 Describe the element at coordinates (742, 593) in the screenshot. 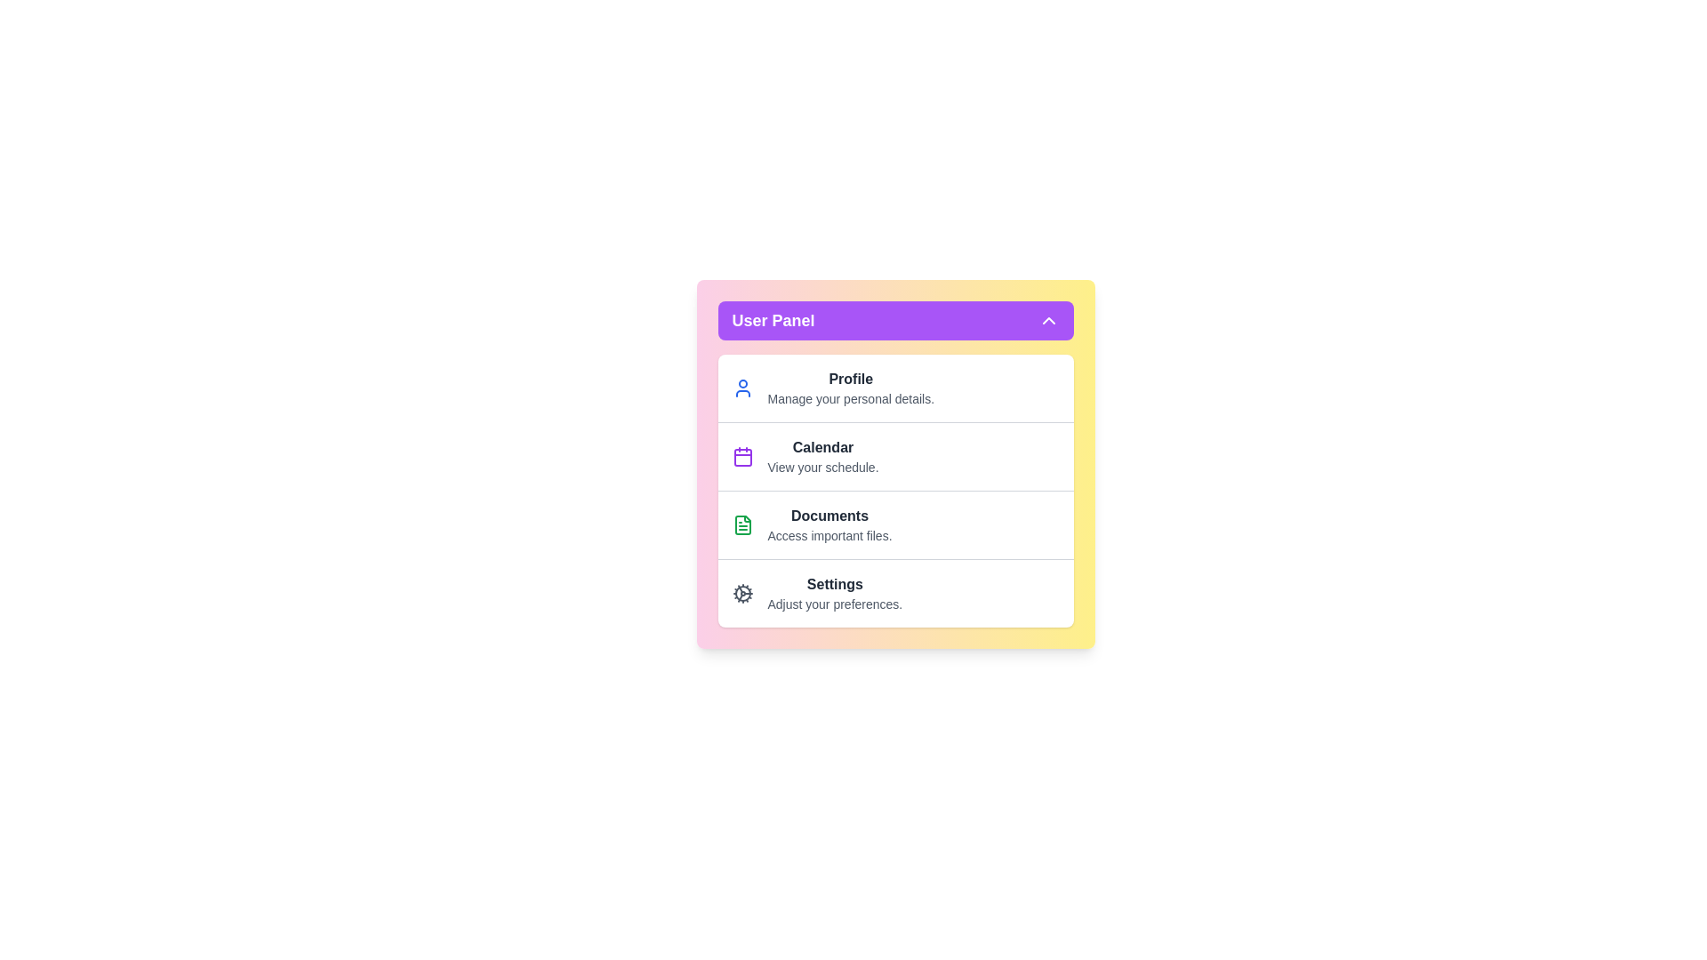

I see `the settings icon located at the left side of the row labeled 'Settings Adjust your preferences' in the 'User Panel' interface to initiate an action` at that location.